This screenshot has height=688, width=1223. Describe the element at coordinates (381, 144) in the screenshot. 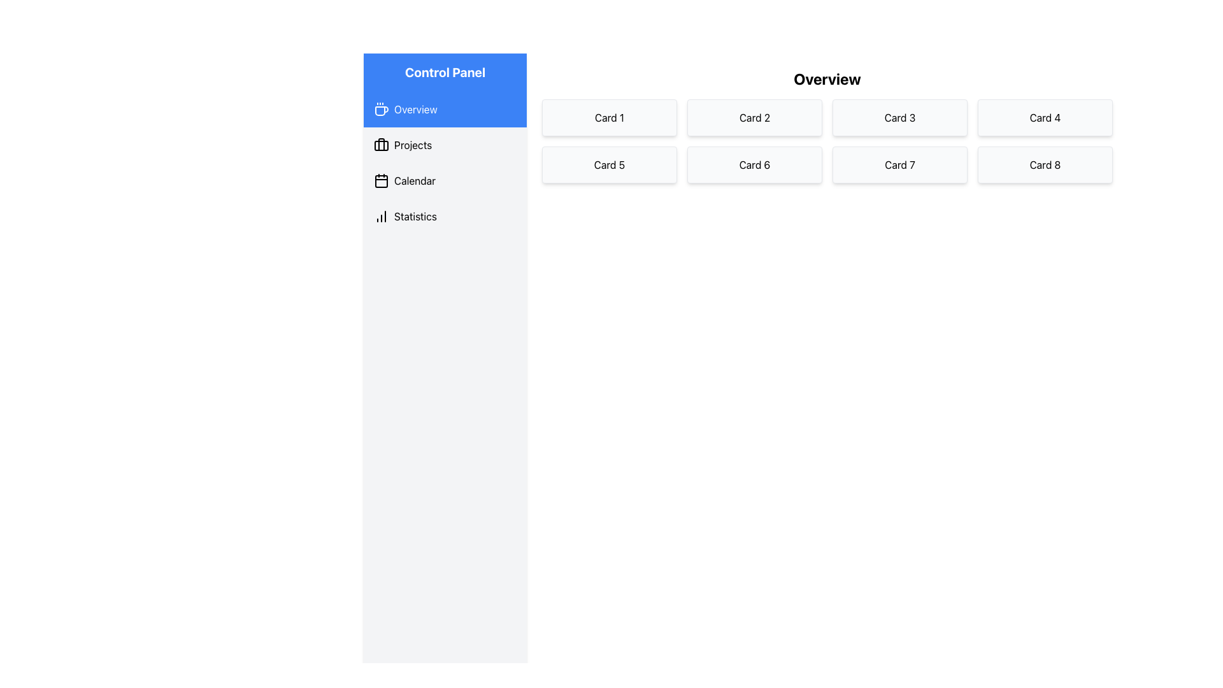

I see `the briefcase icon located in the navigation menu to the left of the 'Projects' text` at that location.